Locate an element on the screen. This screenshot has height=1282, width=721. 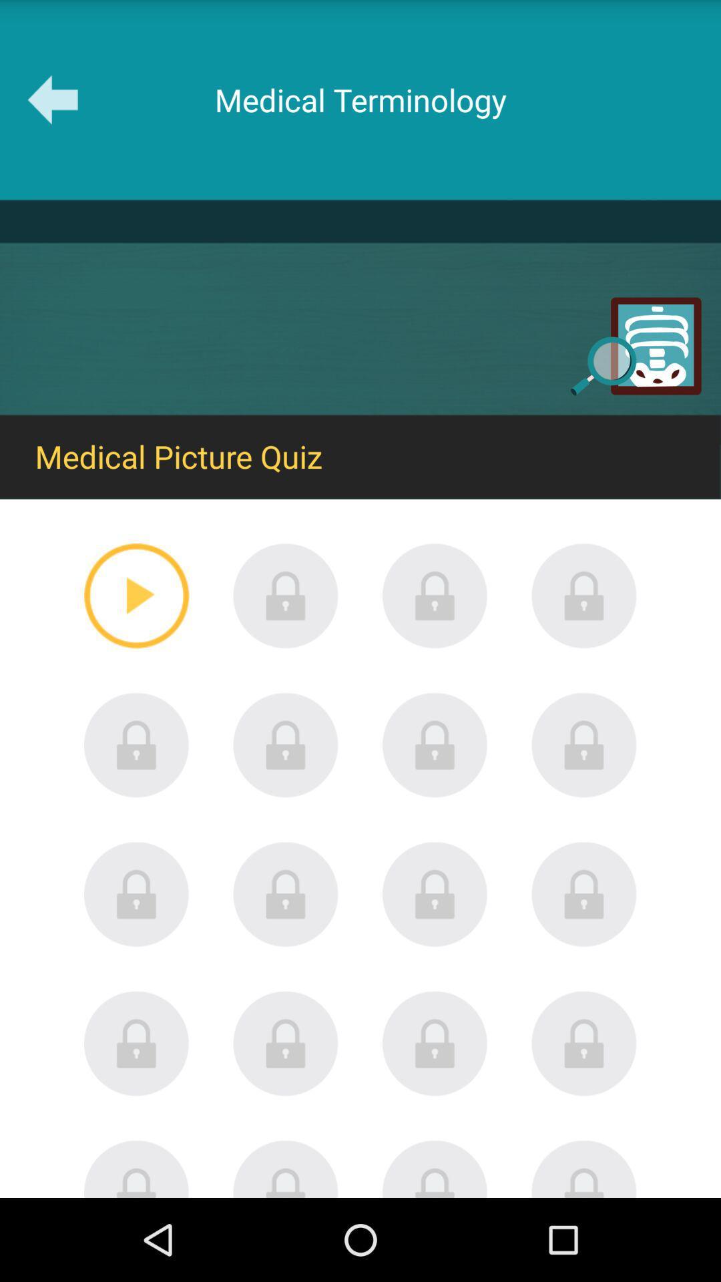
unlock question is located at coordinates (583, 894).